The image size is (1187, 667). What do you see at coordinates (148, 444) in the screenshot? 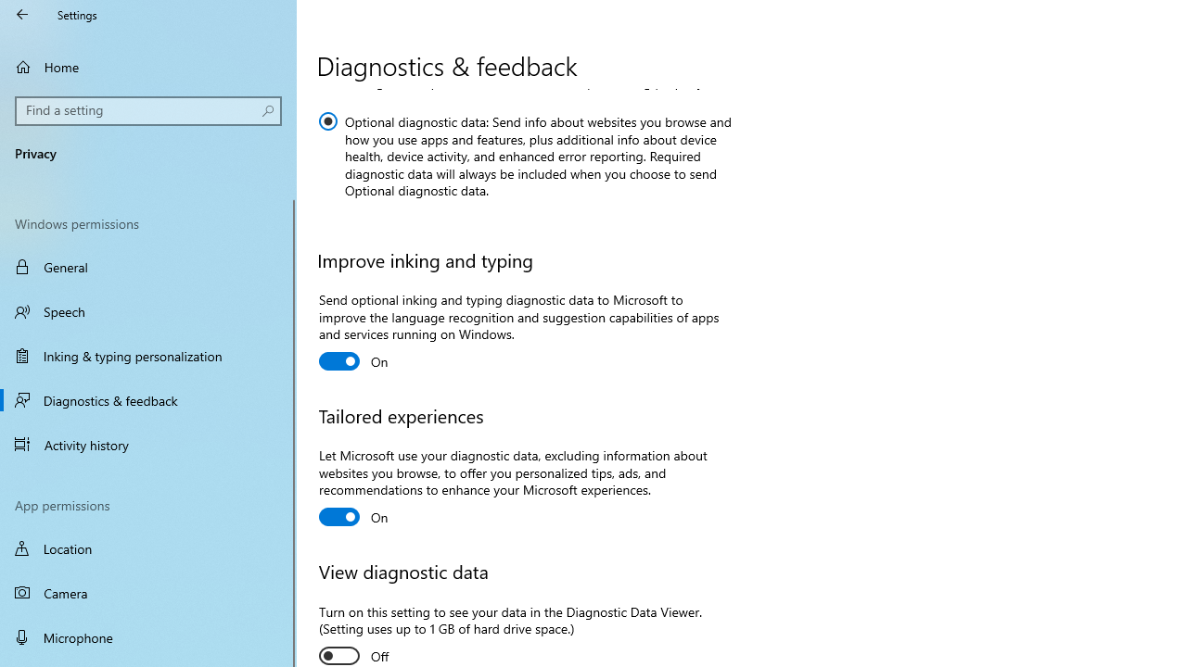
I see `'Activity history'` at bounding box center [148, 444].